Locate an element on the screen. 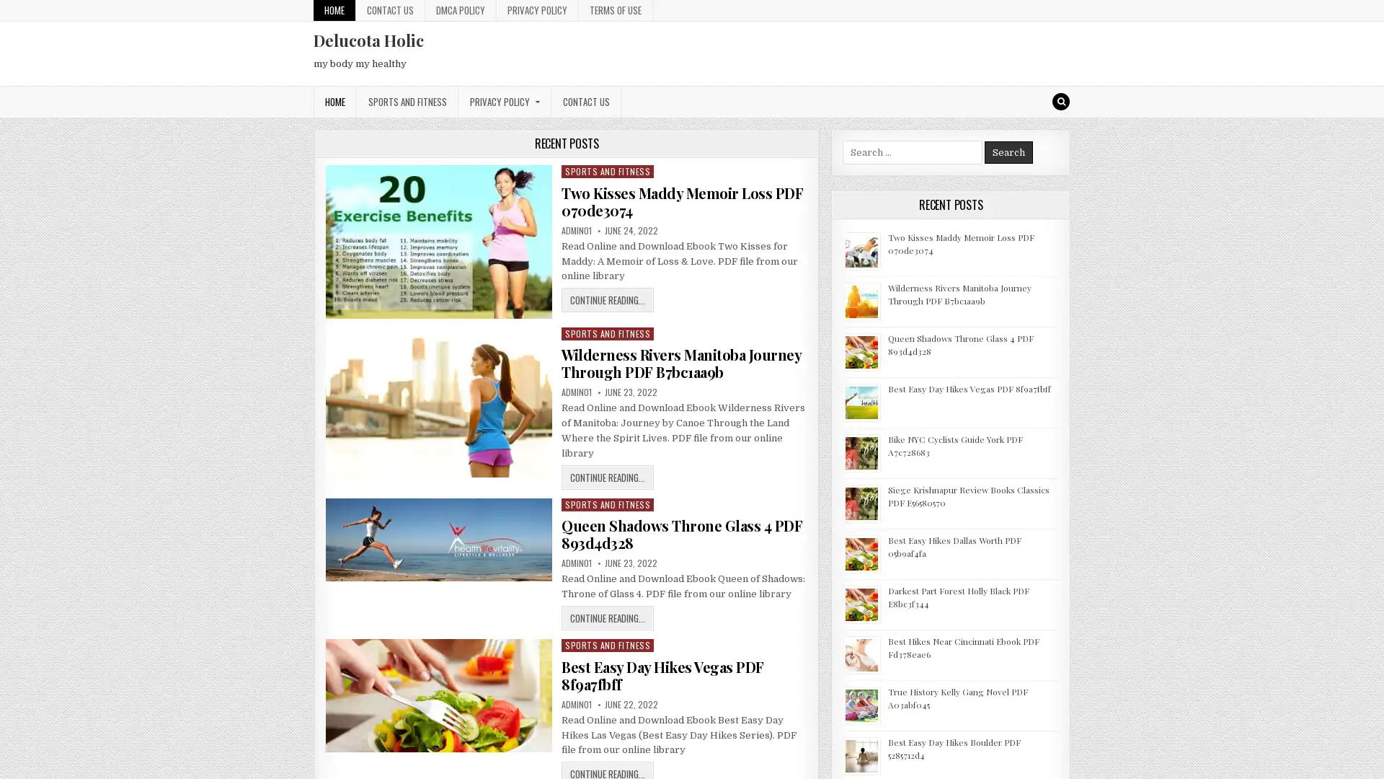  Search is located at coordinates (1008, 152).